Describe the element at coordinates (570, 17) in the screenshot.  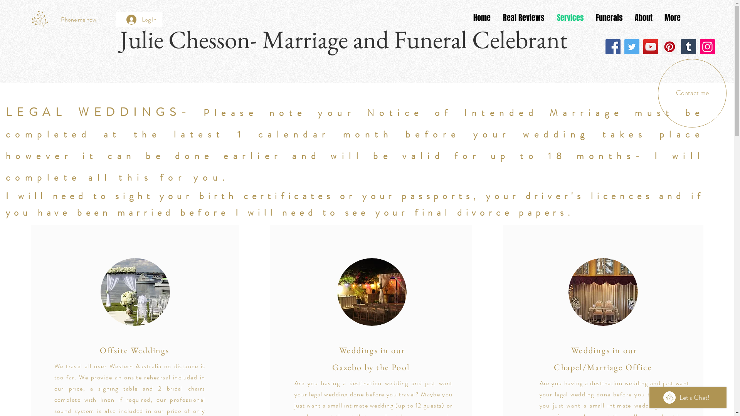
I see `'Services'` at that location.